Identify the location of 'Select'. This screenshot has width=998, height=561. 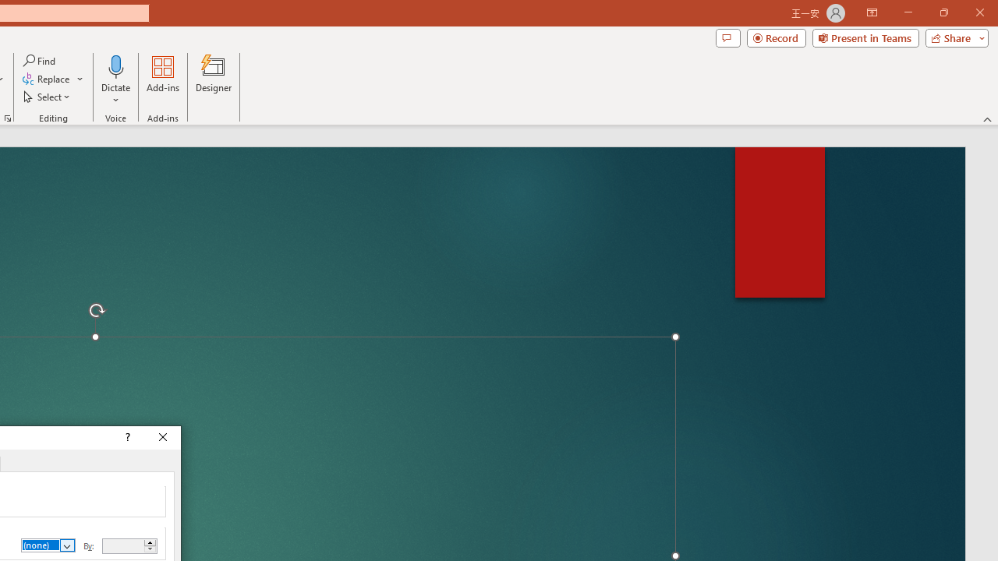
(48, 97).